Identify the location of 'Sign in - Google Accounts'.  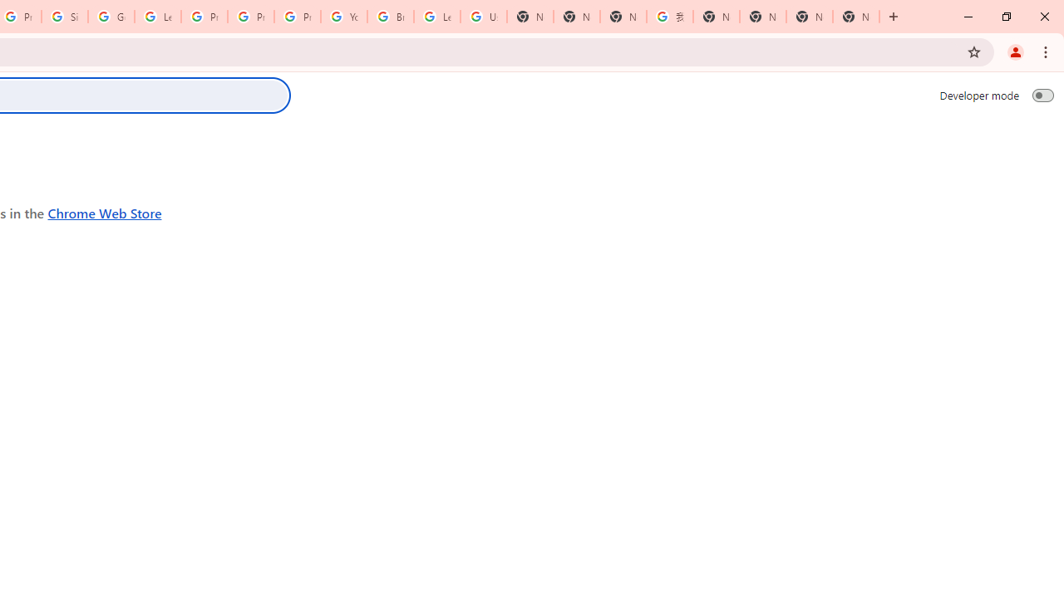
(65, 17).